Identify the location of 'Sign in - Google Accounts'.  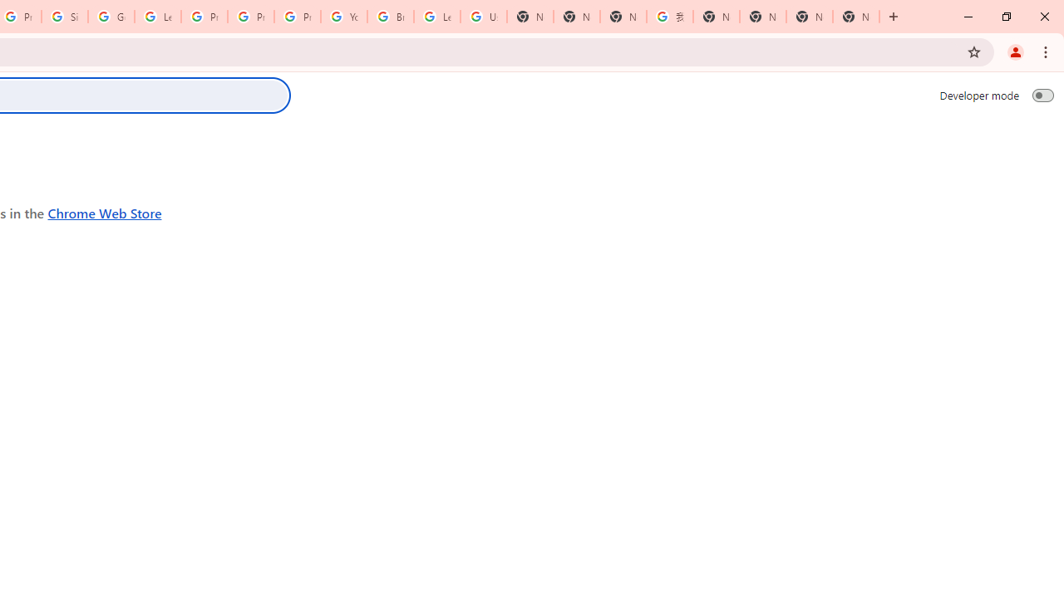
(65, 17).